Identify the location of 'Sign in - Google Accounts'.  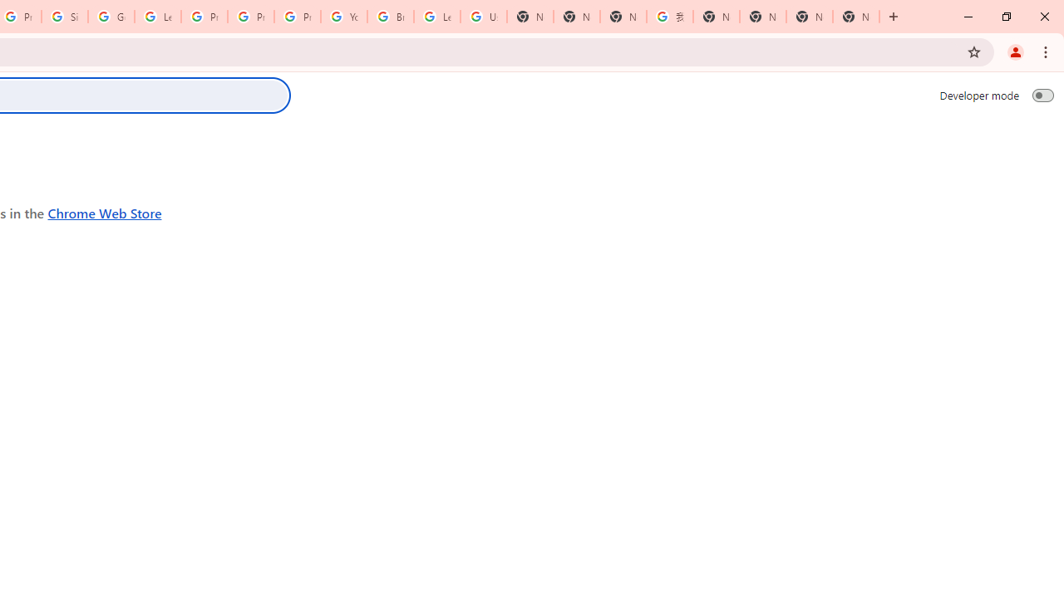
(65, 17).